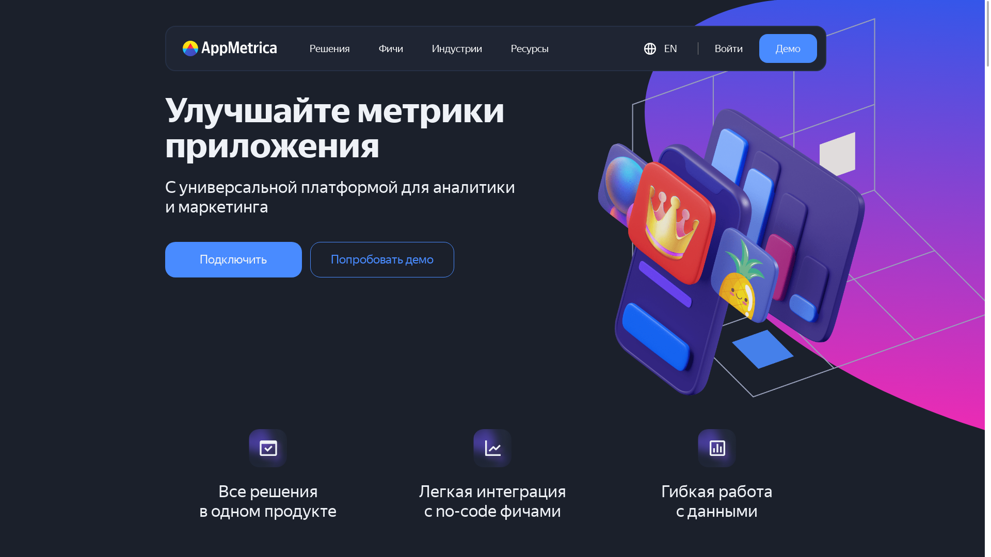 This screenshot has width=991, height=557. I want to click on 'EN', so click(662, 48).